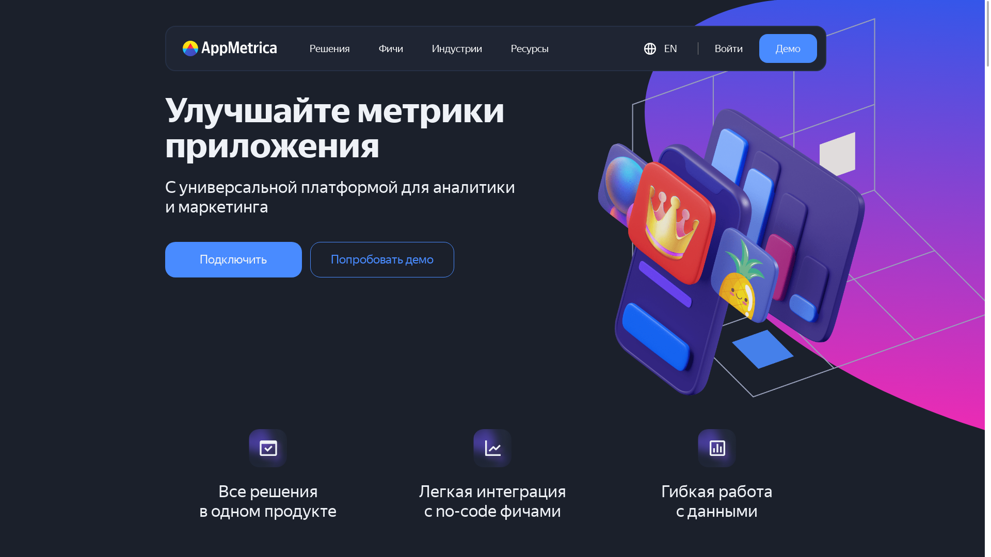 This screenshot has width=991, height=557. I want to click on 'EN', so click(662, 48).